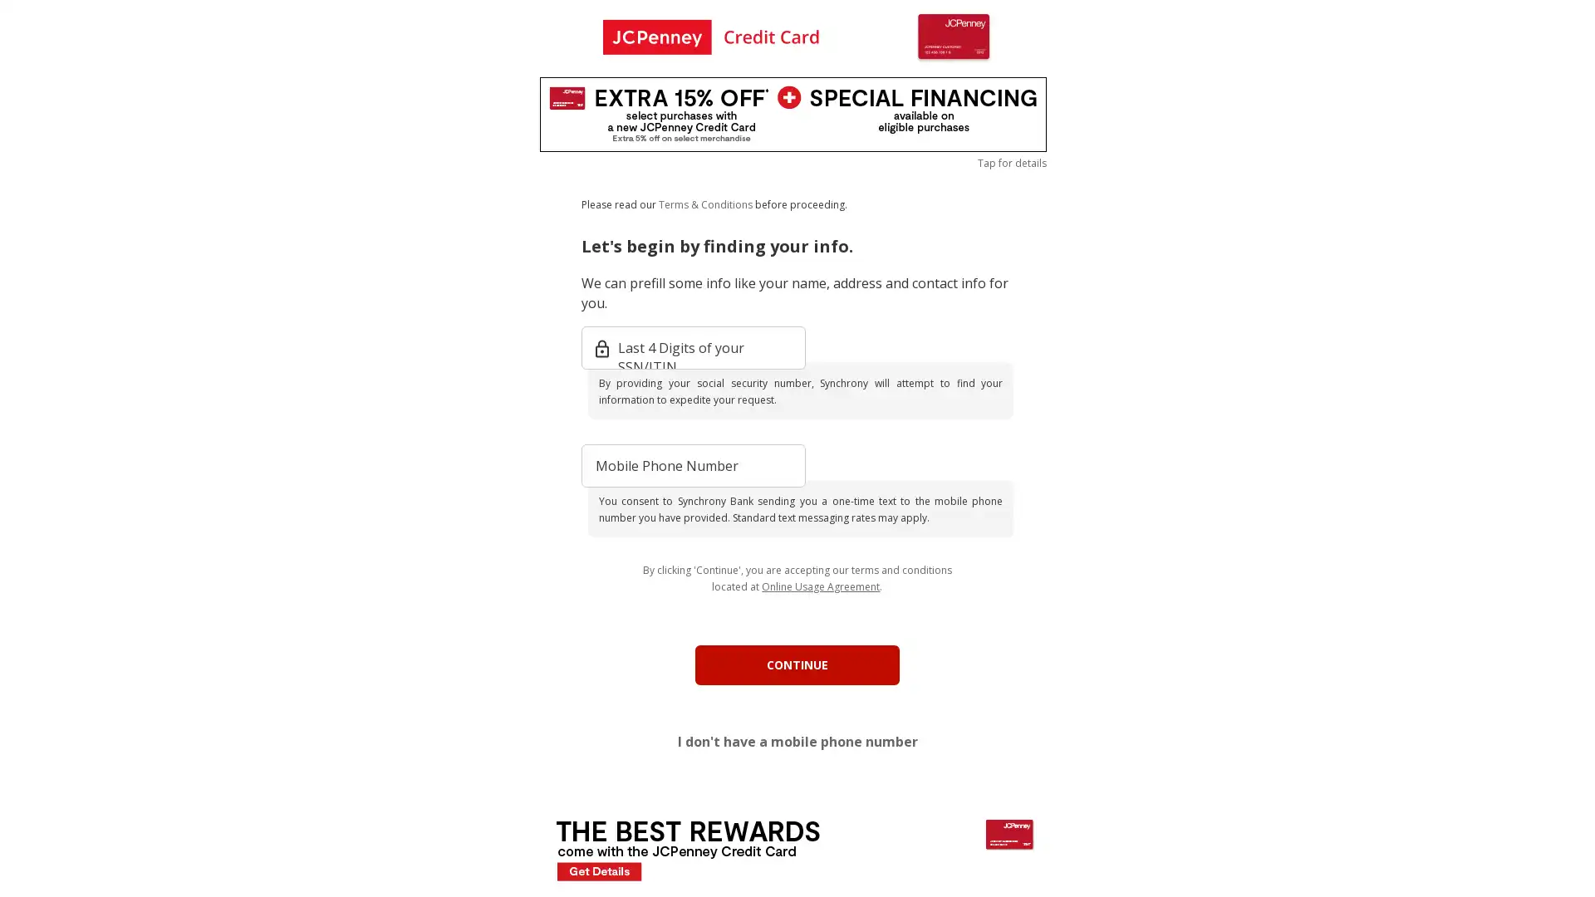 The image size is (1595, 897). What do you see at coordinates (1011, 163) in the screenshot?
I see `Tap for details` at bounding box center [1011, 163].